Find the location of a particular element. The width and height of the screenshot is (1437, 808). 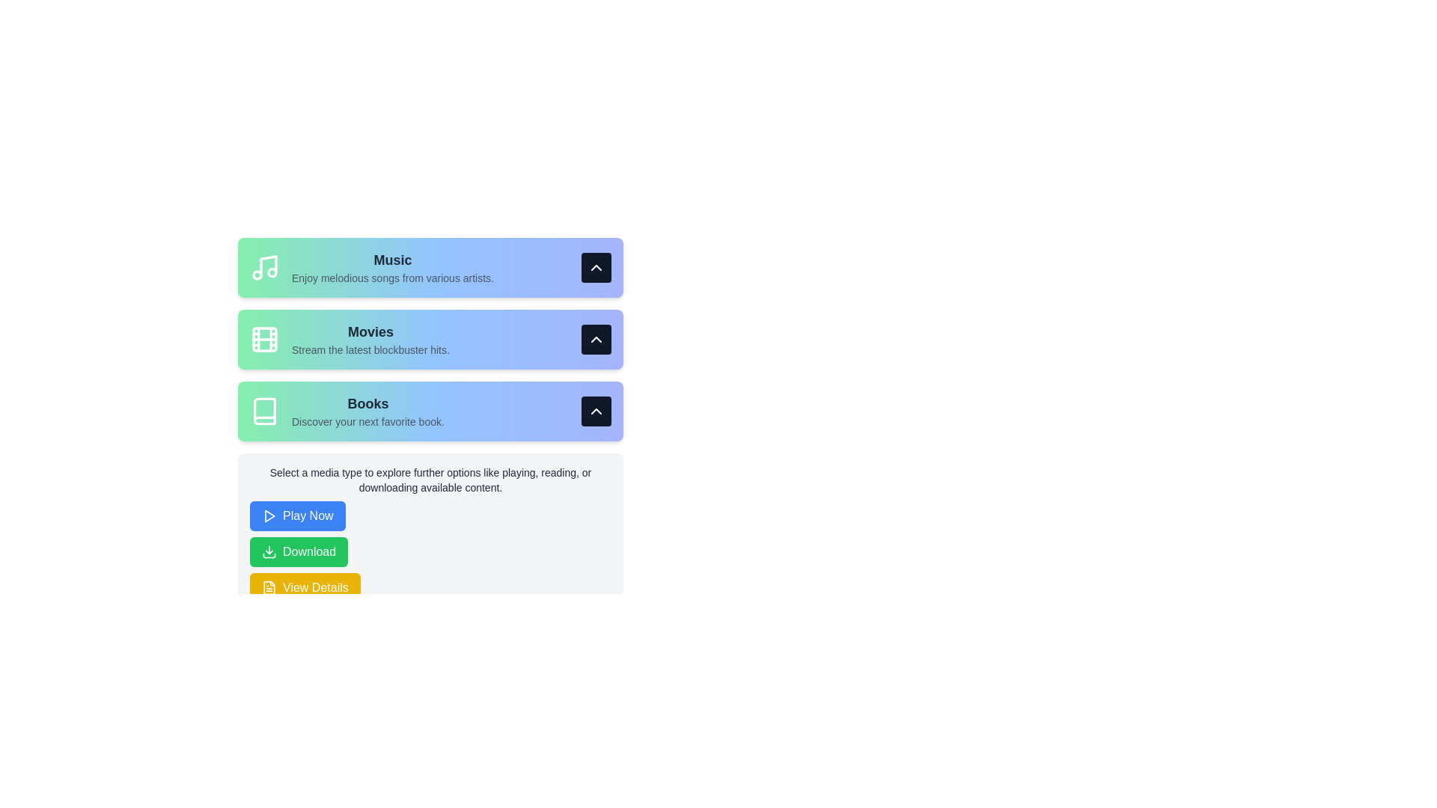

the play action icon, which is a triangle pointing right enclosed in a circular or square boundary, located to the left of the 'Play Now' button text is located at coordinates (269, 515).